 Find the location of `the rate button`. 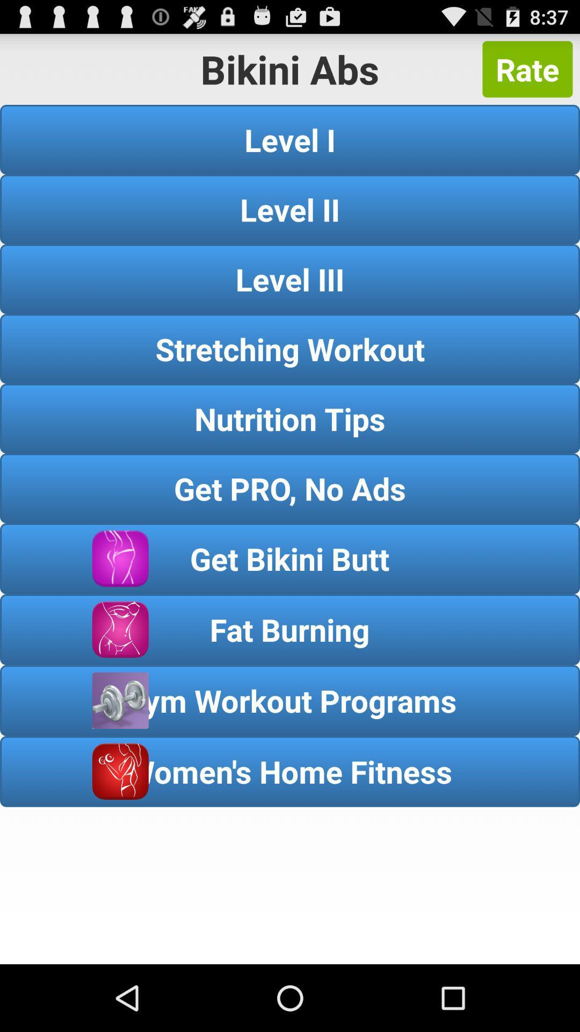

the rate button is located at coordinates (527, 69).